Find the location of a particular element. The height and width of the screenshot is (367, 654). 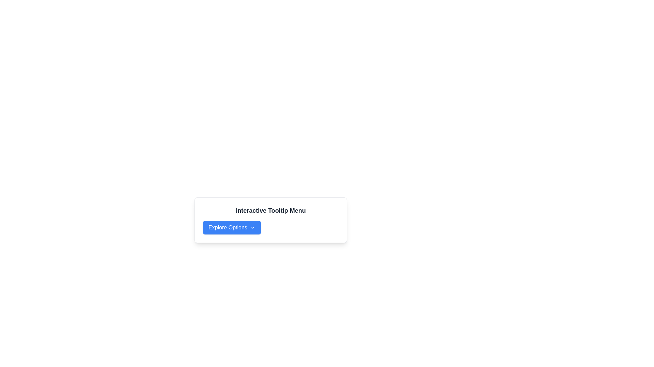

the 'Explore Options' button with a blue background and white text, located beneath the 'Interactive Tooltip Menu' heading is located at coordinates (232, 228).